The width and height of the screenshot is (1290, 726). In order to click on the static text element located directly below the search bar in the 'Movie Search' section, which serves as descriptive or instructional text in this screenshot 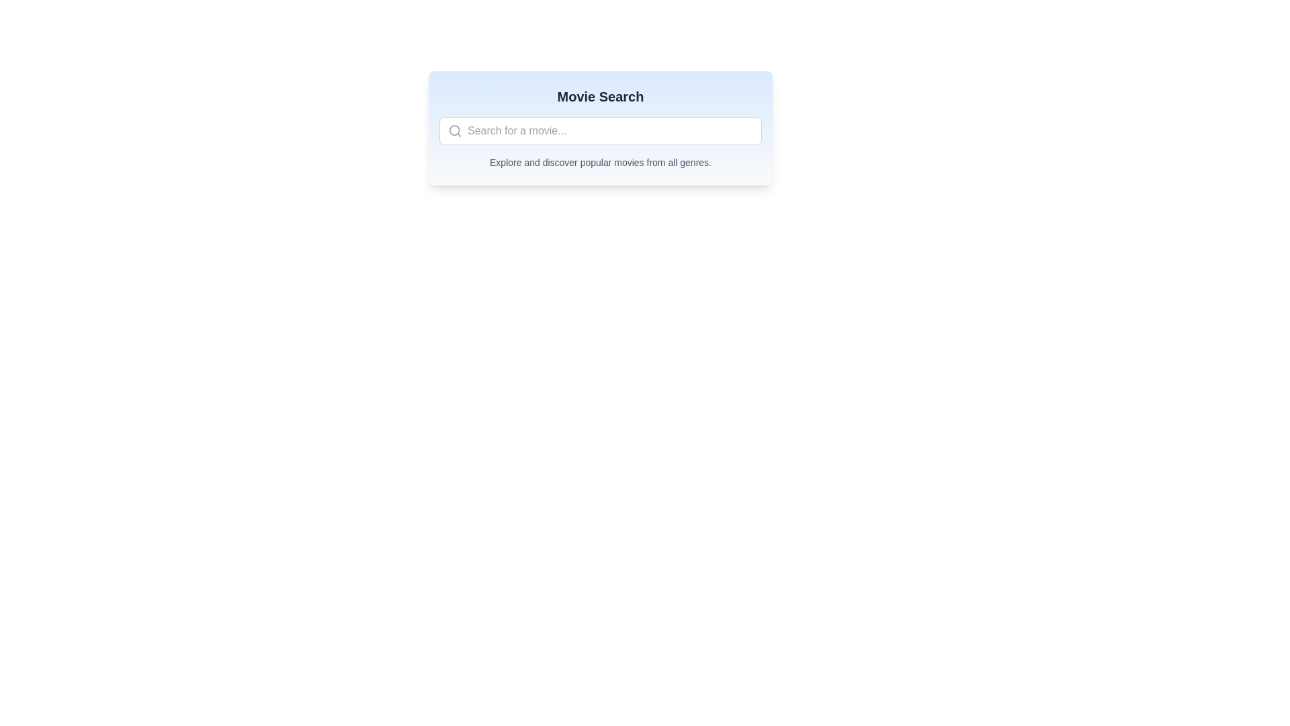, I will do `click(599, 162)`.